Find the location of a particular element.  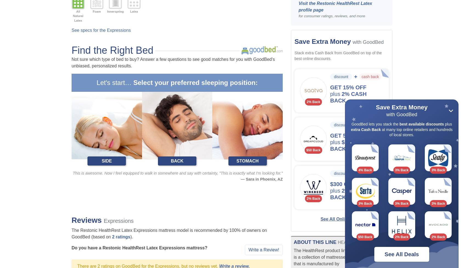

'Expressions' is located at coordinates (103, 220).